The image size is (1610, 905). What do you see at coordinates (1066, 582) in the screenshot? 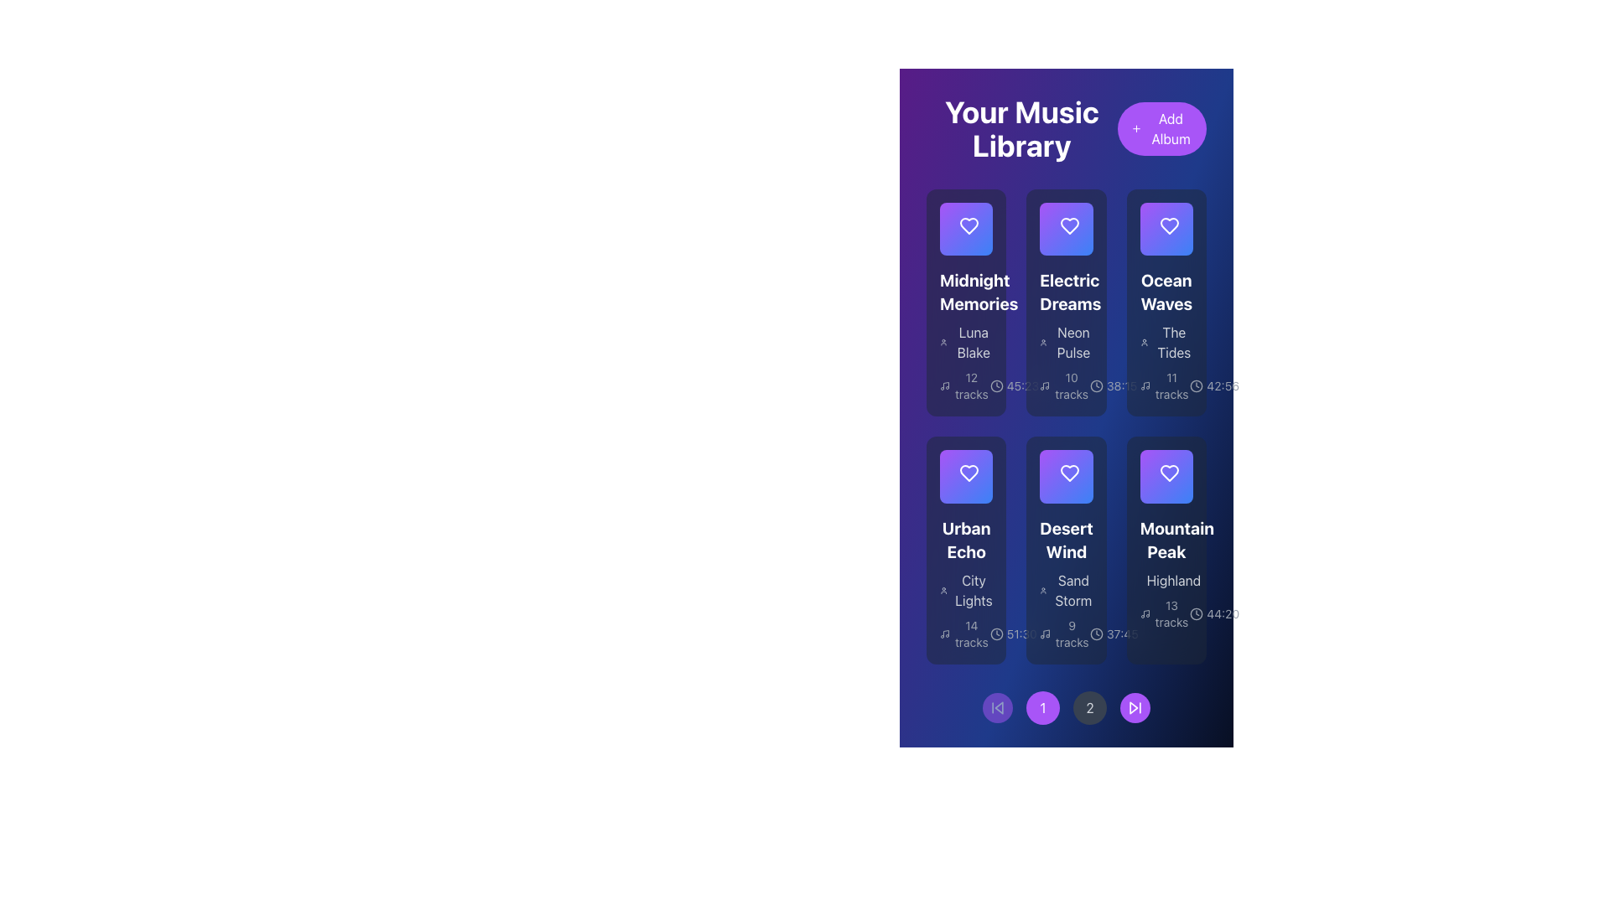
I see `subtitle text located within the card labeled 'Desert Wind', positioned below the primary title in the second row, second column of the grid layout` at bounding box center [1066, 582].